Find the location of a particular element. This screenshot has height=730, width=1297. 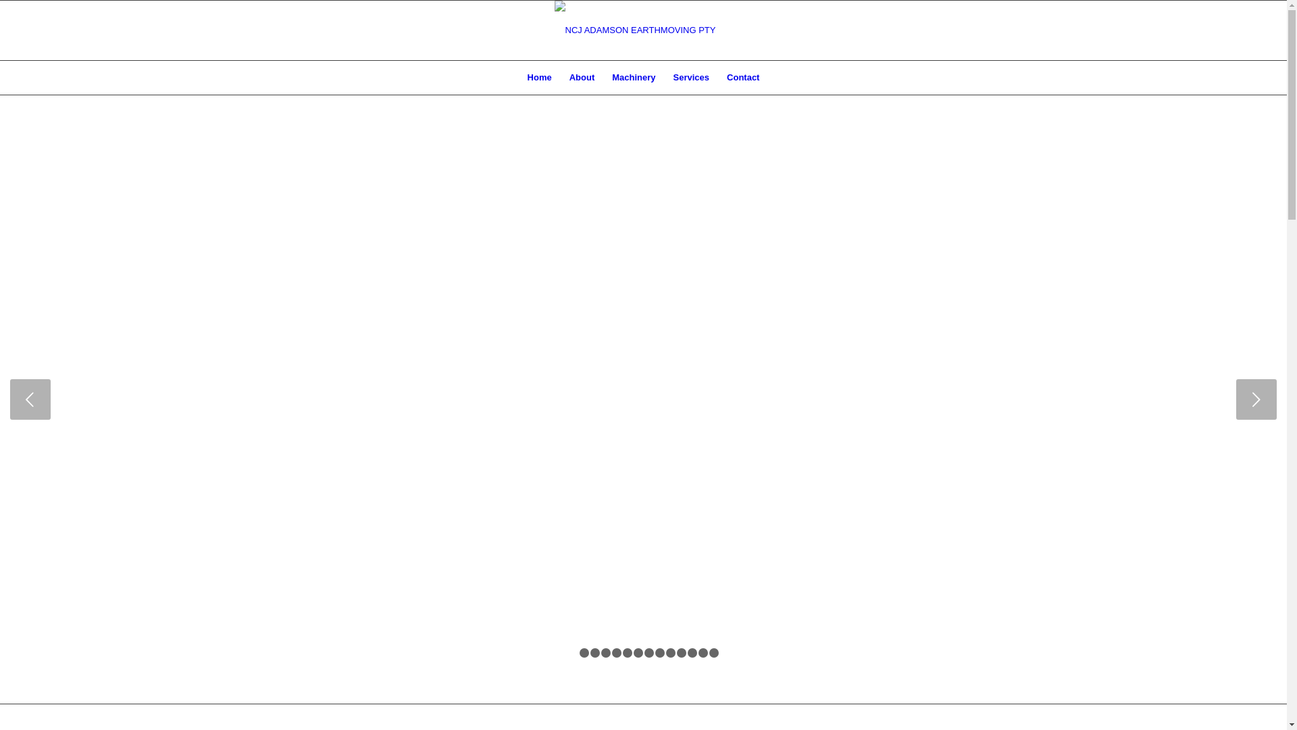

'14' is located at coordinates (713, 652).